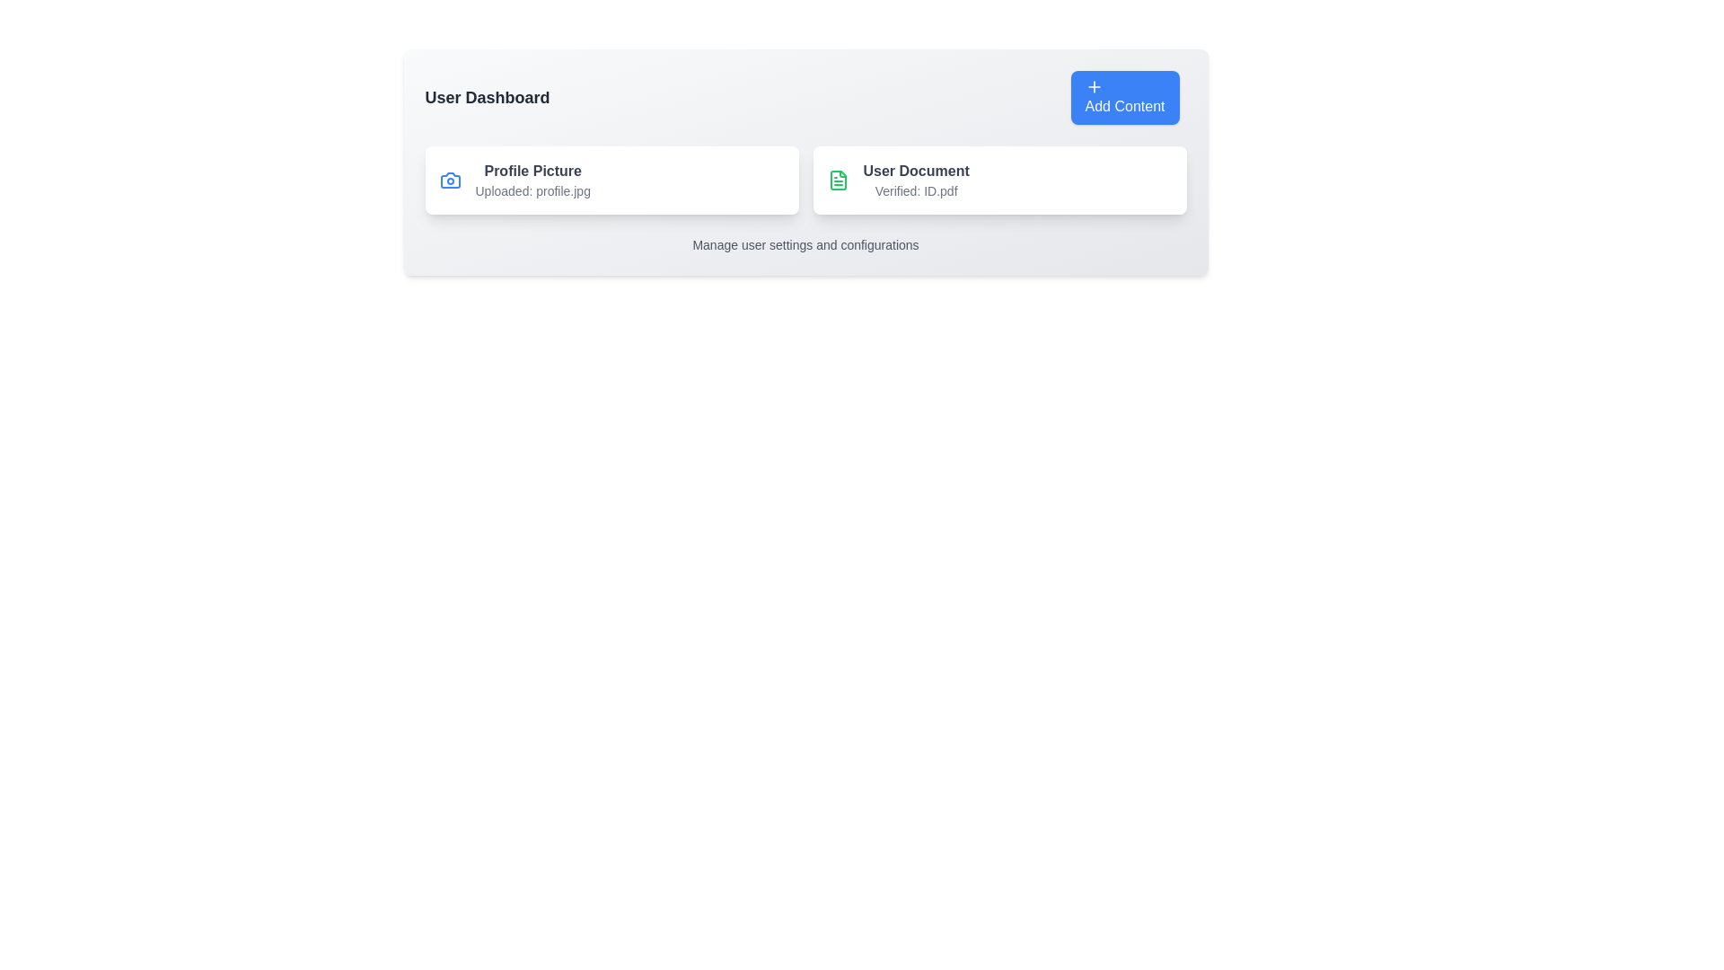  What do you see at coordinates (1123, 97) in the screenshot?
I see `the blue button located in the upper right corner of the user interface to activate the hover effect` at bounding box center [1123, 97].